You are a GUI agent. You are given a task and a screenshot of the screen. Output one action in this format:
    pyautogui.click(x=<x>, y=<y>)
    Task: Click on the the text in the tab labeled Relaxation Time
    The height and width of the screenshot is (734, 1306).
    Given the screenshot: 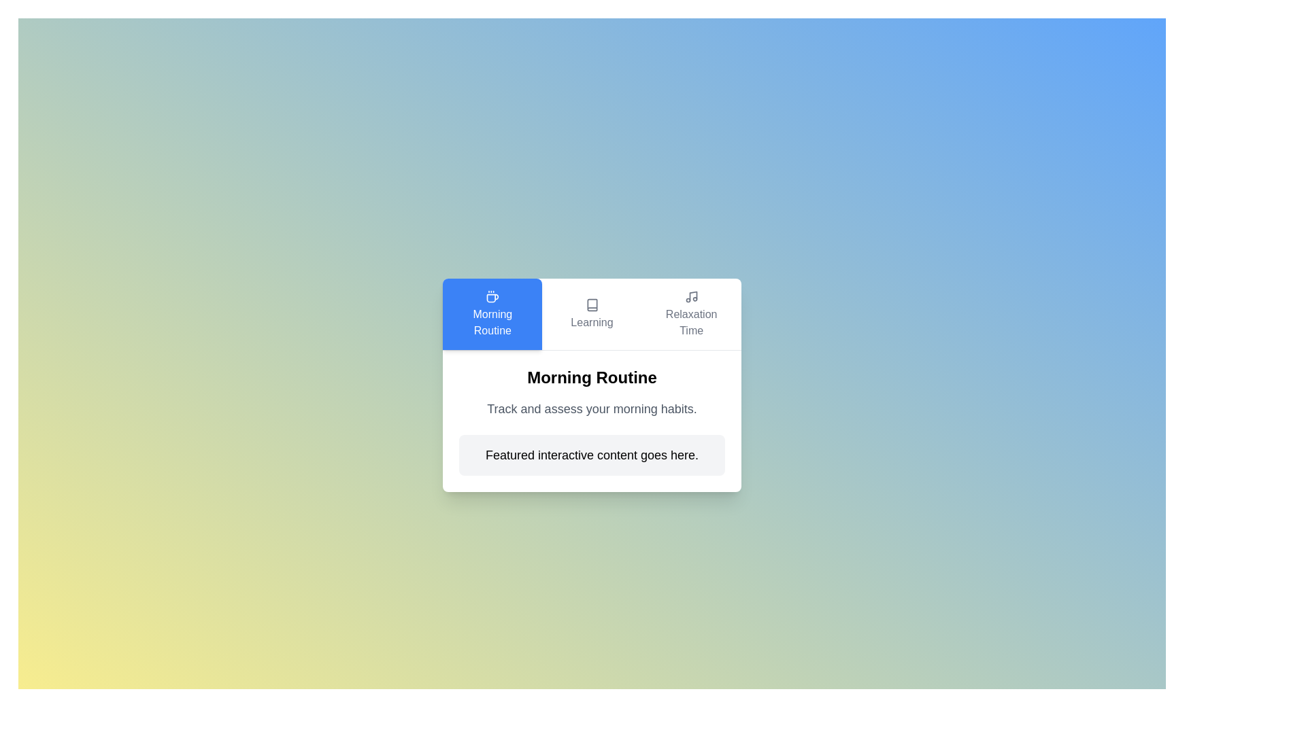 What is the action you would take?
    pyautogui.click(x=691, y=314)
    